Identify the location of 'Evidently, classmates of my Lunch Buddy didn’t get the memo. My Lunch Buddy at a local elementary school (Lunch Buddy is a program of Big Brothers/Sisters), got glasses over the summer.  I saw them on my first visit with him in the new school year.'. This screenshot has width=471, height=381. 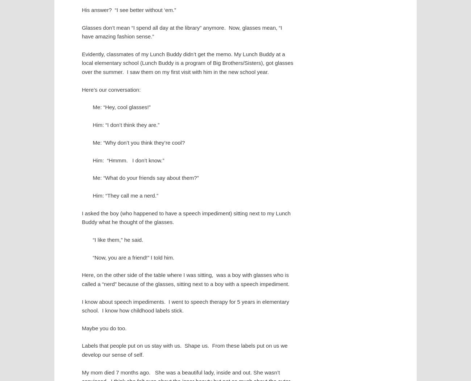
(81, 63).